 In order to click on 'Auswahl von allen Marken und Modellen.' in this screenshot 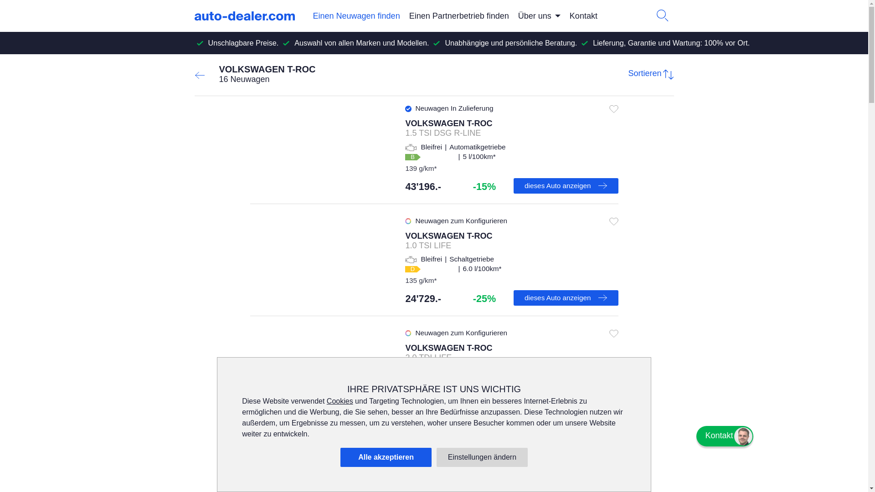, I will do `click(361, 42)`.